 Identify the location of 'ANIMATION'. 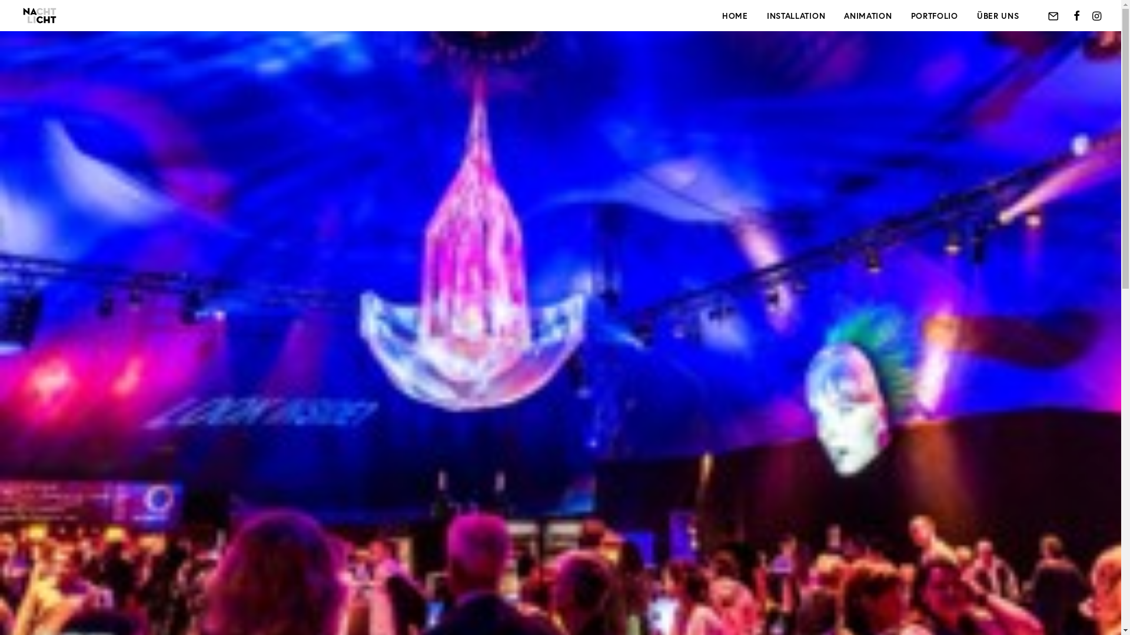
(868, 15).